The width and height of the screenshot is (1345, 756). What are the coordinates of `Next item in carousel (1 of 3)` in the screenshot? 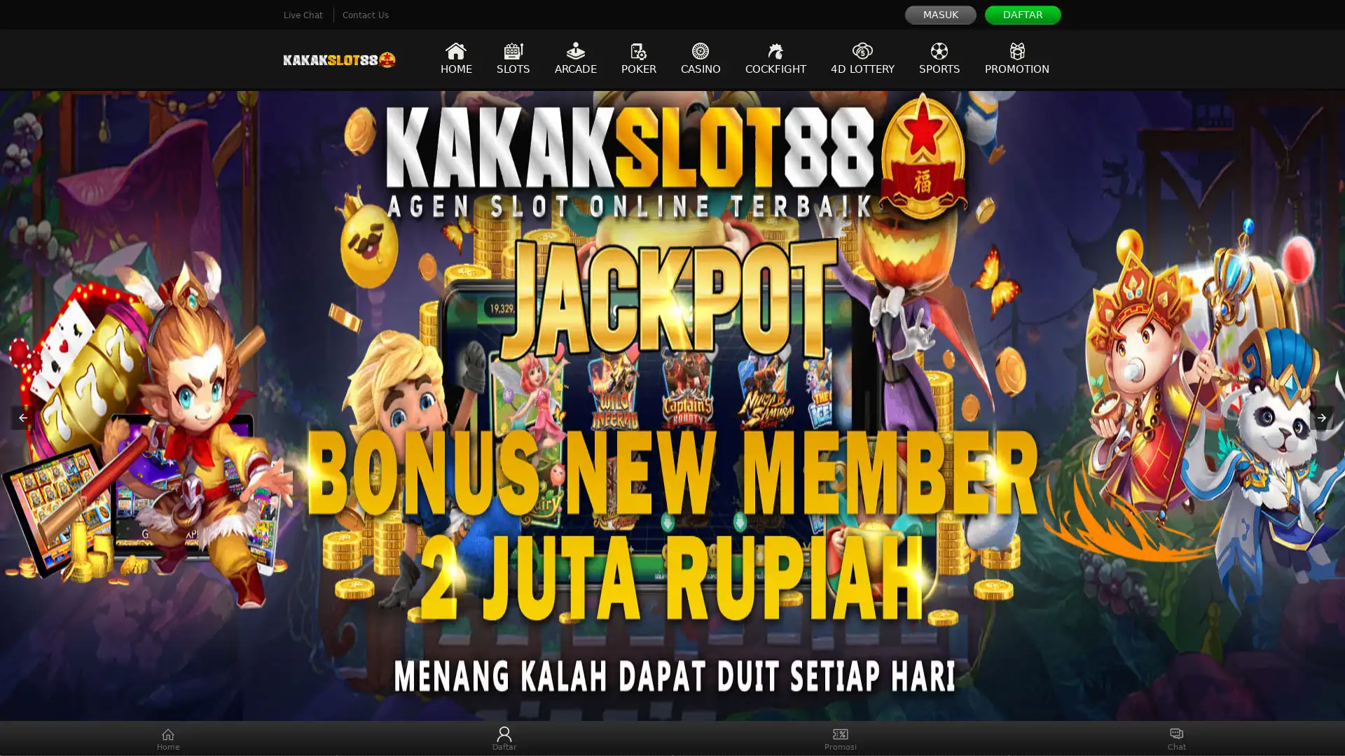 It's located at (1320, 417).